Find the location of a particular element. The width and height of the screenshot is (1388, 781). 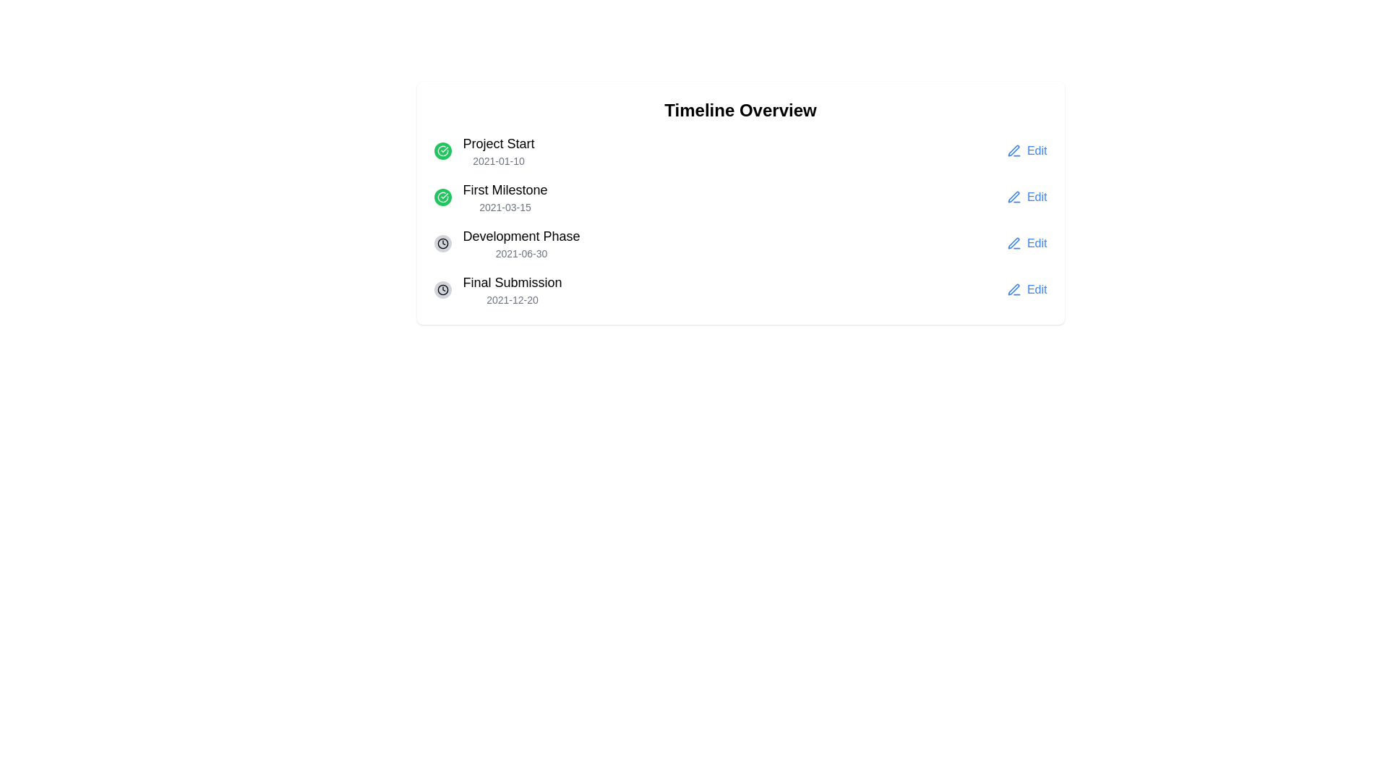

the edit icon located to the right of the 'Project Start' milestone text in the timeline interface is located at coordinates (1013, 150).